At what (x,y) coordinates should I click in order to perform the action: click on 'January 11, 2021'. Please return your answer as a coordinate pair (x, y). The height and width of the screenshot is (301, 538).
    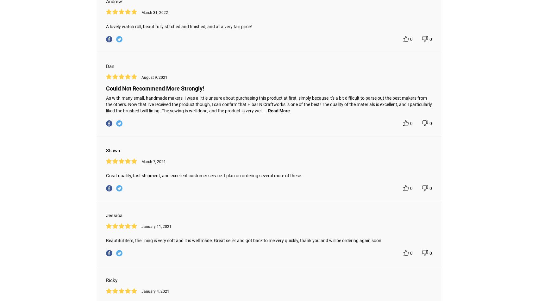
    Looking at the image, I should click on (156, 226).